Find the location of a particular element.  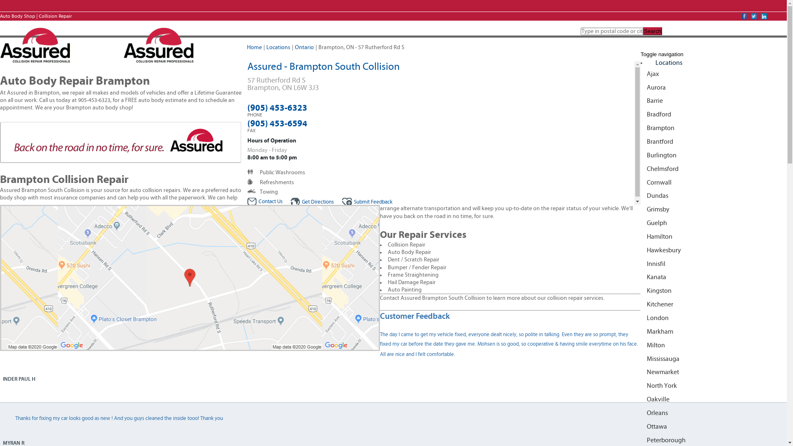

'Locations' is located at coordinates (669, 62).